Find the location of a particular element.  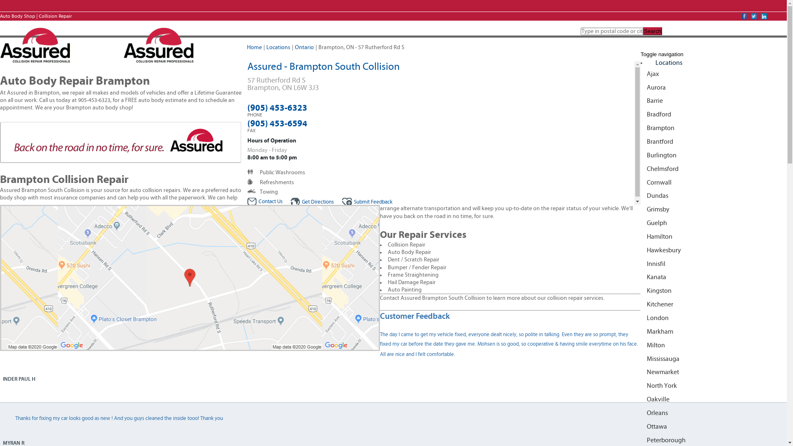

'Locations' is located at coordinates (669, 62).